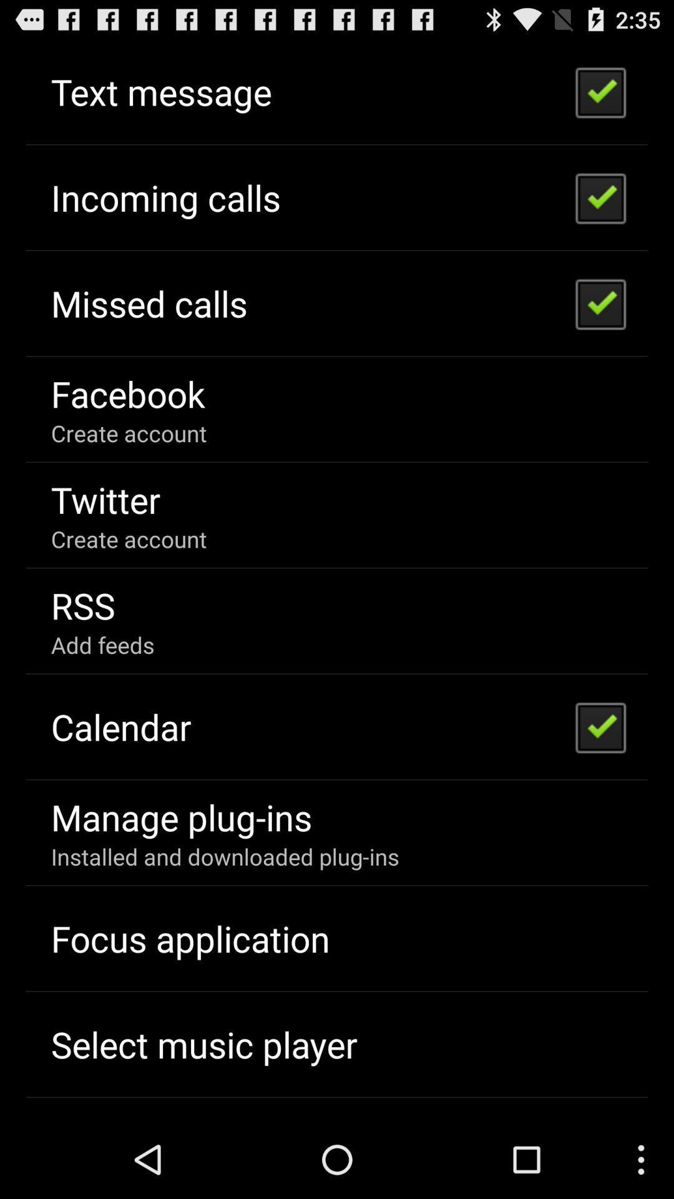  I want to click on the item above the missed calls app, so click(165, 197).